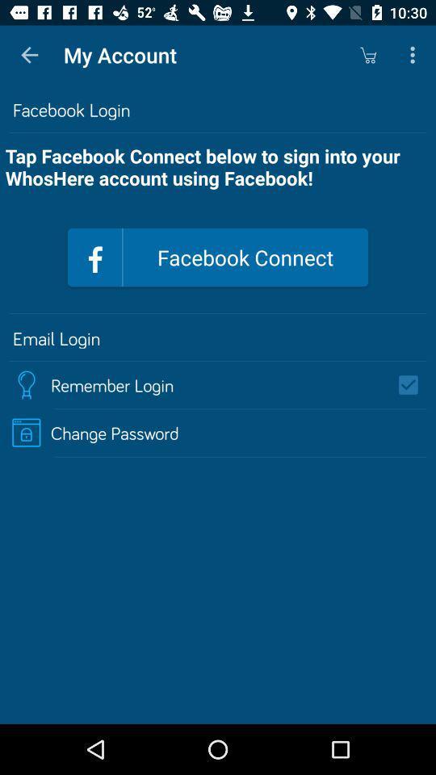 This screenshot has width=436, height=775. I want to click on icon next to the remember login, so click(413, 385).